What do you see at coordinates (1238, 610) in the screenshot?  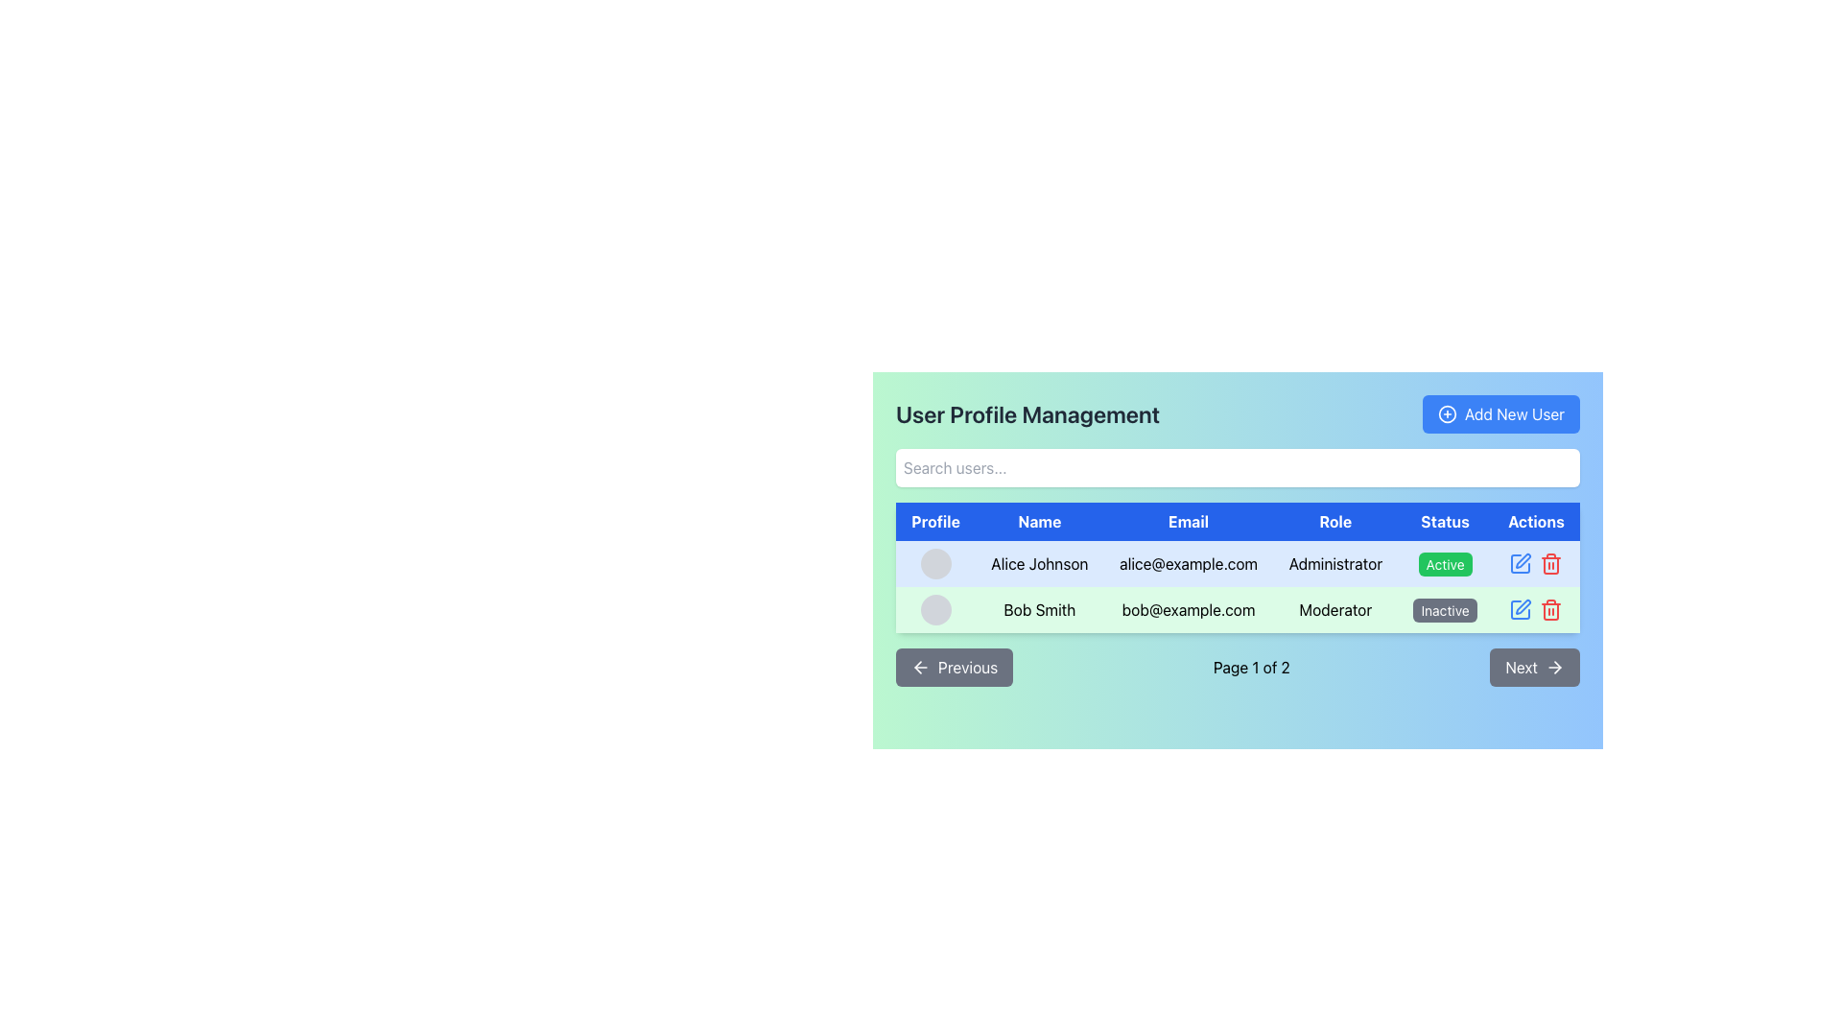 I see `the individual sections of the second row in the 'User Profile Management' table, which represents the user profile of 'Bob Smith'` at bounding box center [1238, 610].